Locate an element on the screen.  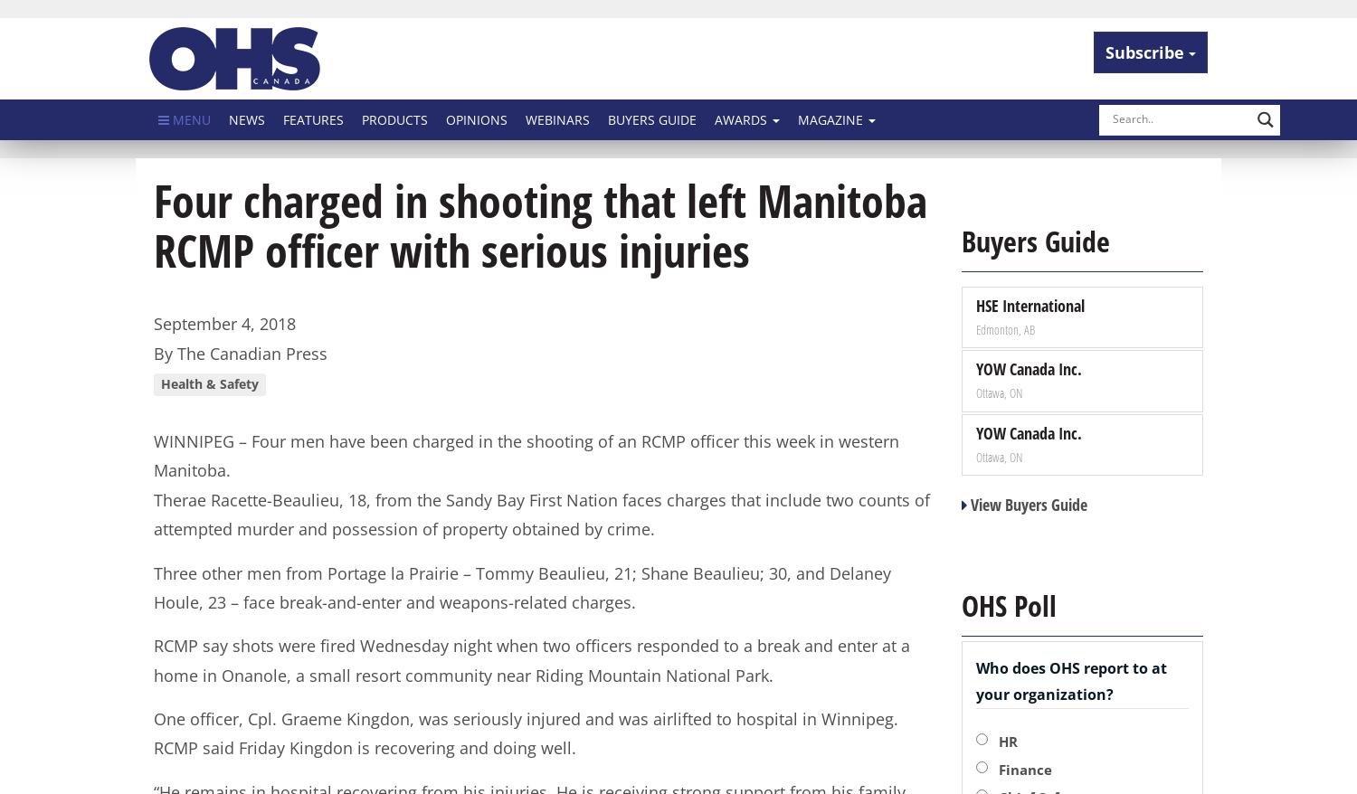
'Subscribe' is located at coordinates (1144, 52).